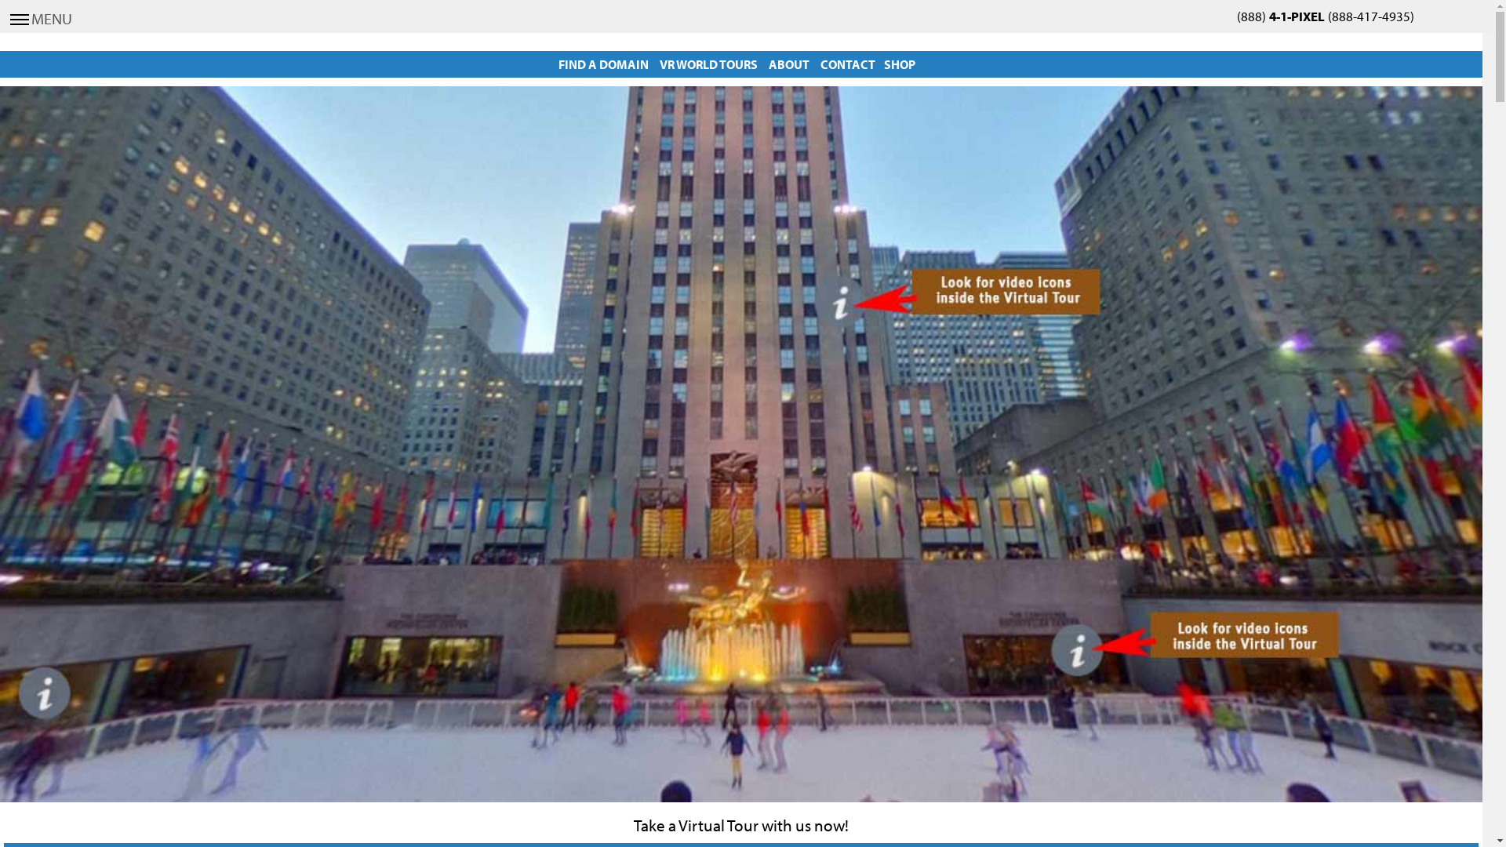  Describe the element at coordinates (789, 63) in the screenshot. I see `'ABOUT'` at that location.